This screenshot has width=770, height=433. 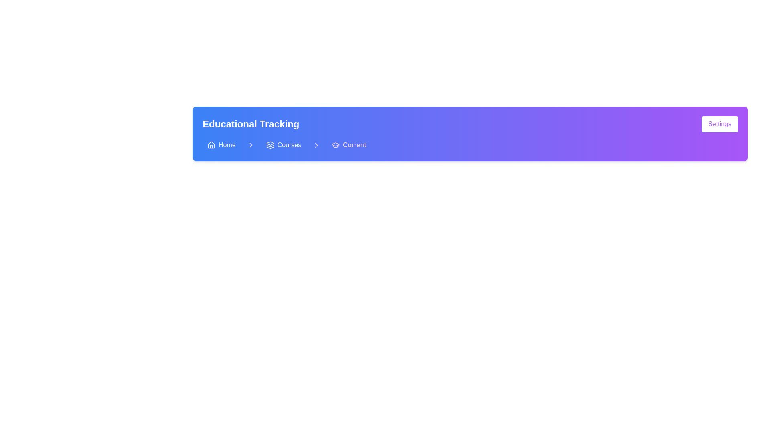 I want to click on the first chevron icon in the breadcrumb navigation bar that separates 'Home' and 'Courses', so click(x=250, y=145).